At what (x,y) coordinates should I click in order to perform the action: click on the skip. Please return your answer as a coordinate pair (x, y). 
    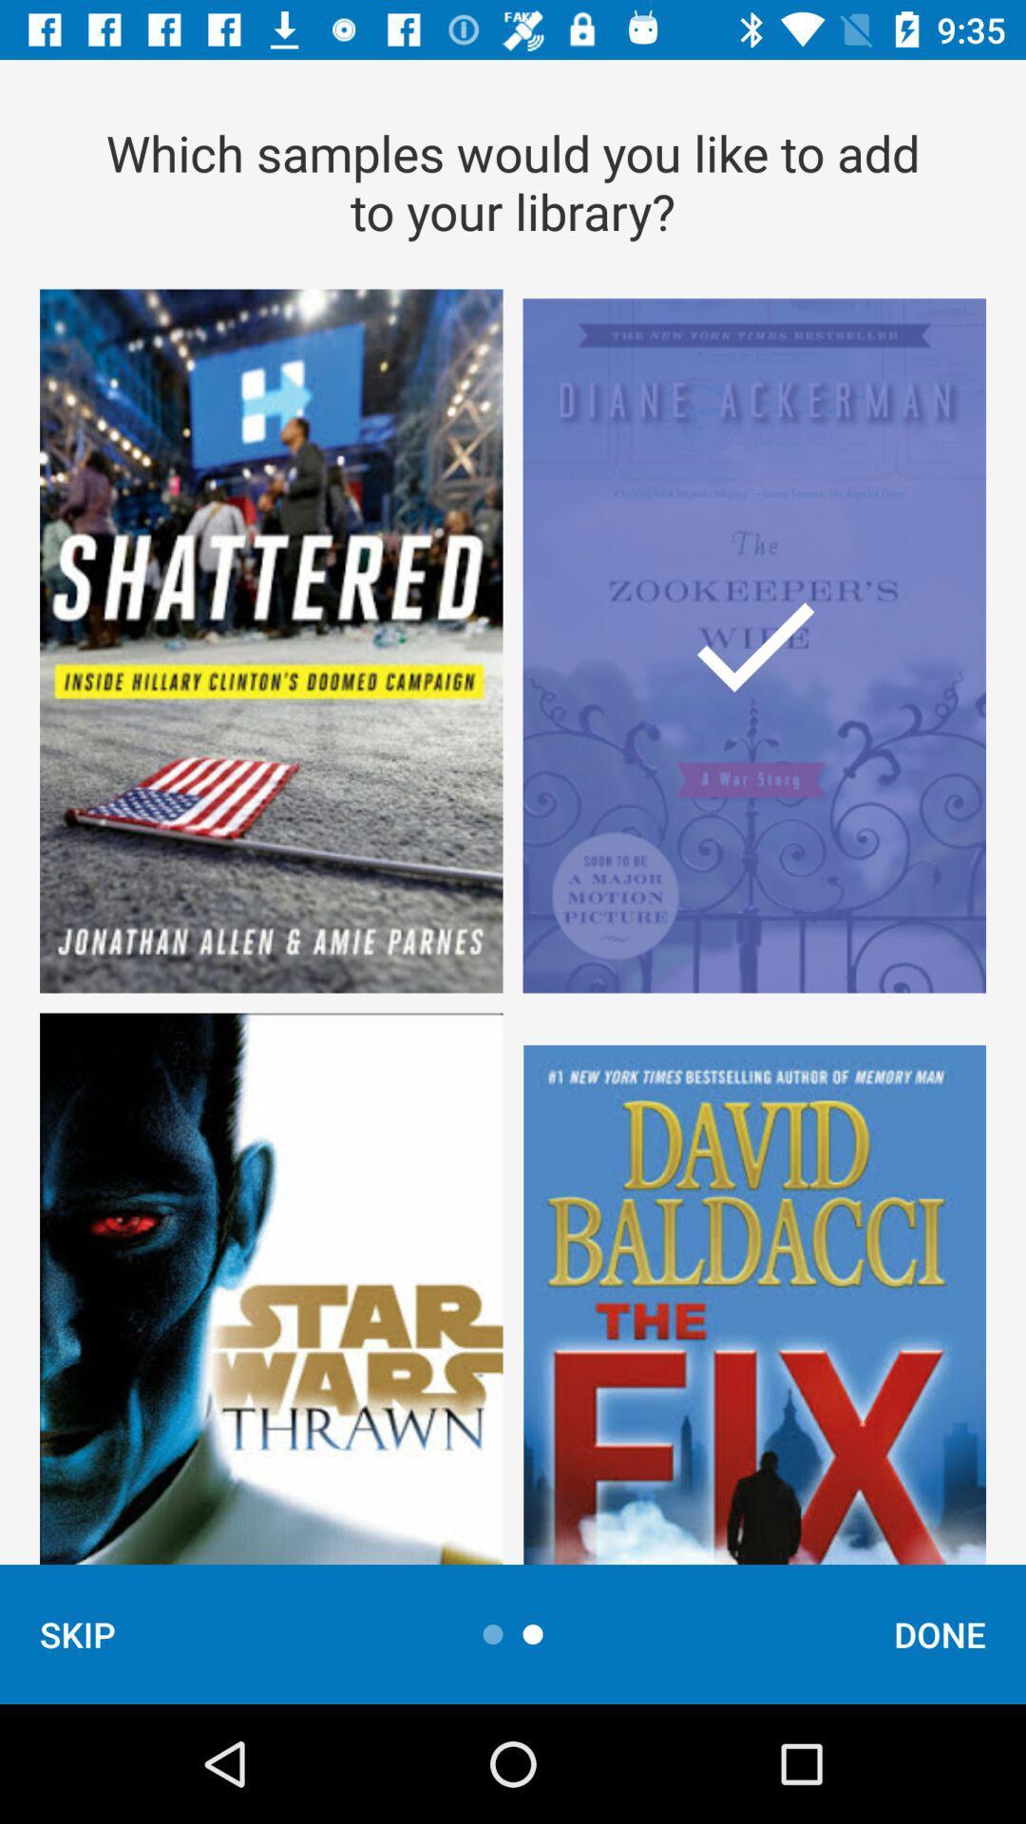
    Looking at the image, I should click on (76, 1633).